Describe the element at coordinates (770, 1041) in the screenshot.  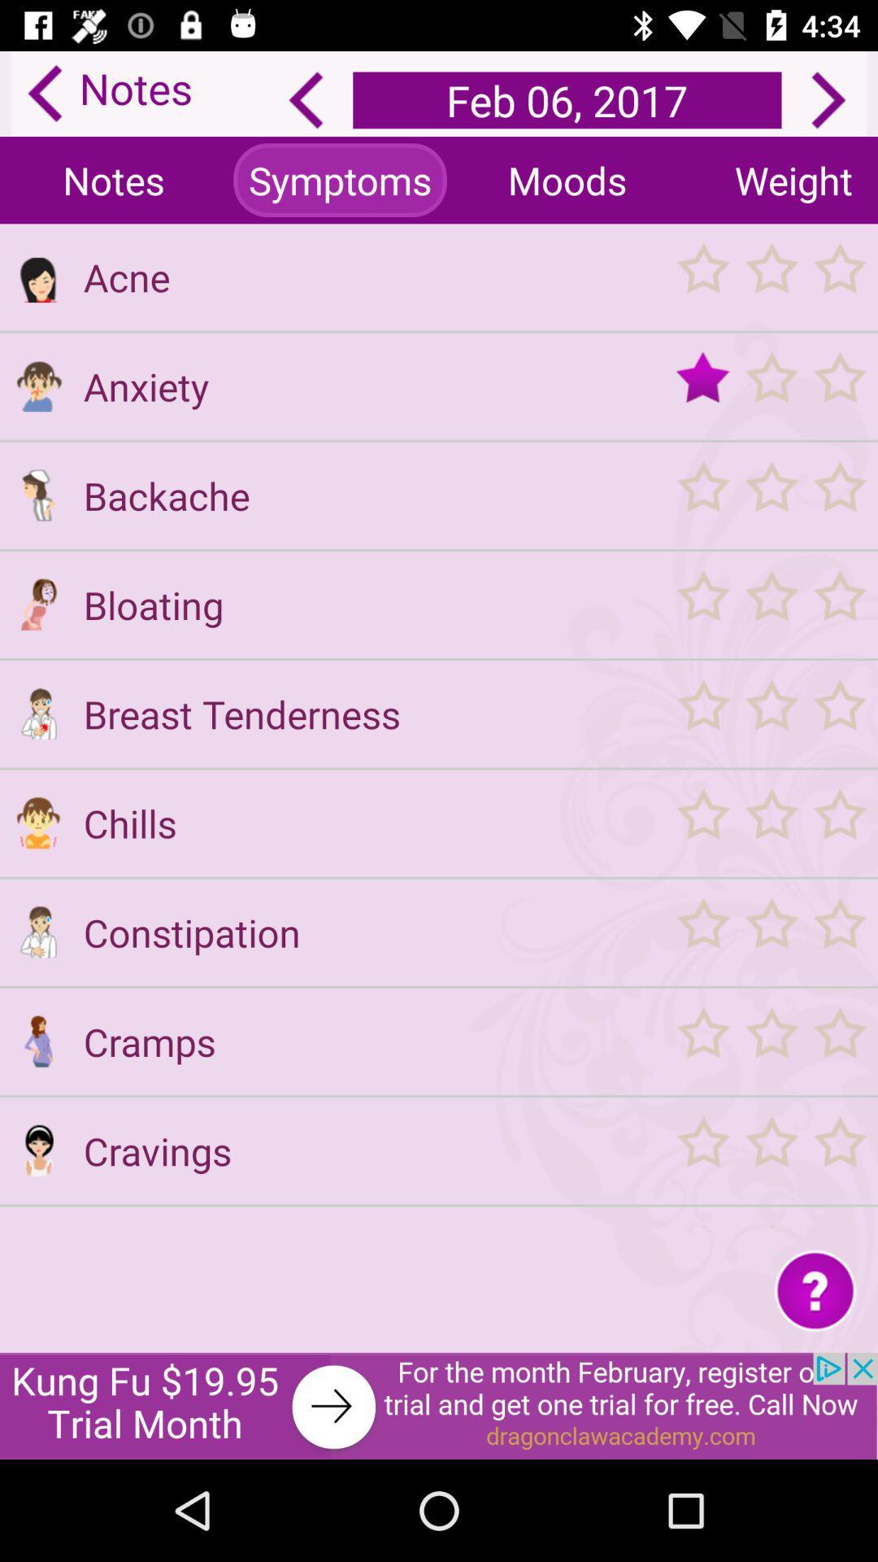
I see `cramp level` at that location.